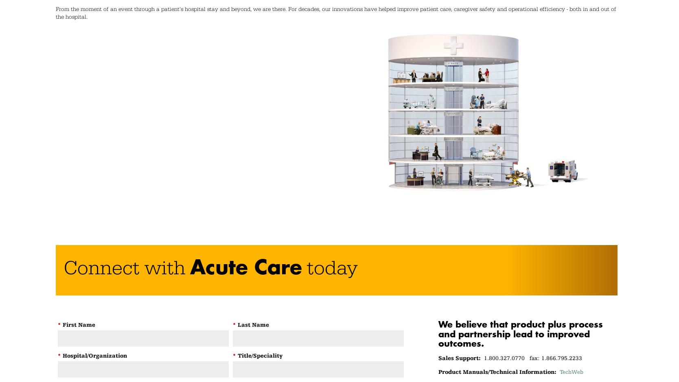 This screenshot has width=679, height=382. I want to click on 'TechWeb', so click(571, 371).